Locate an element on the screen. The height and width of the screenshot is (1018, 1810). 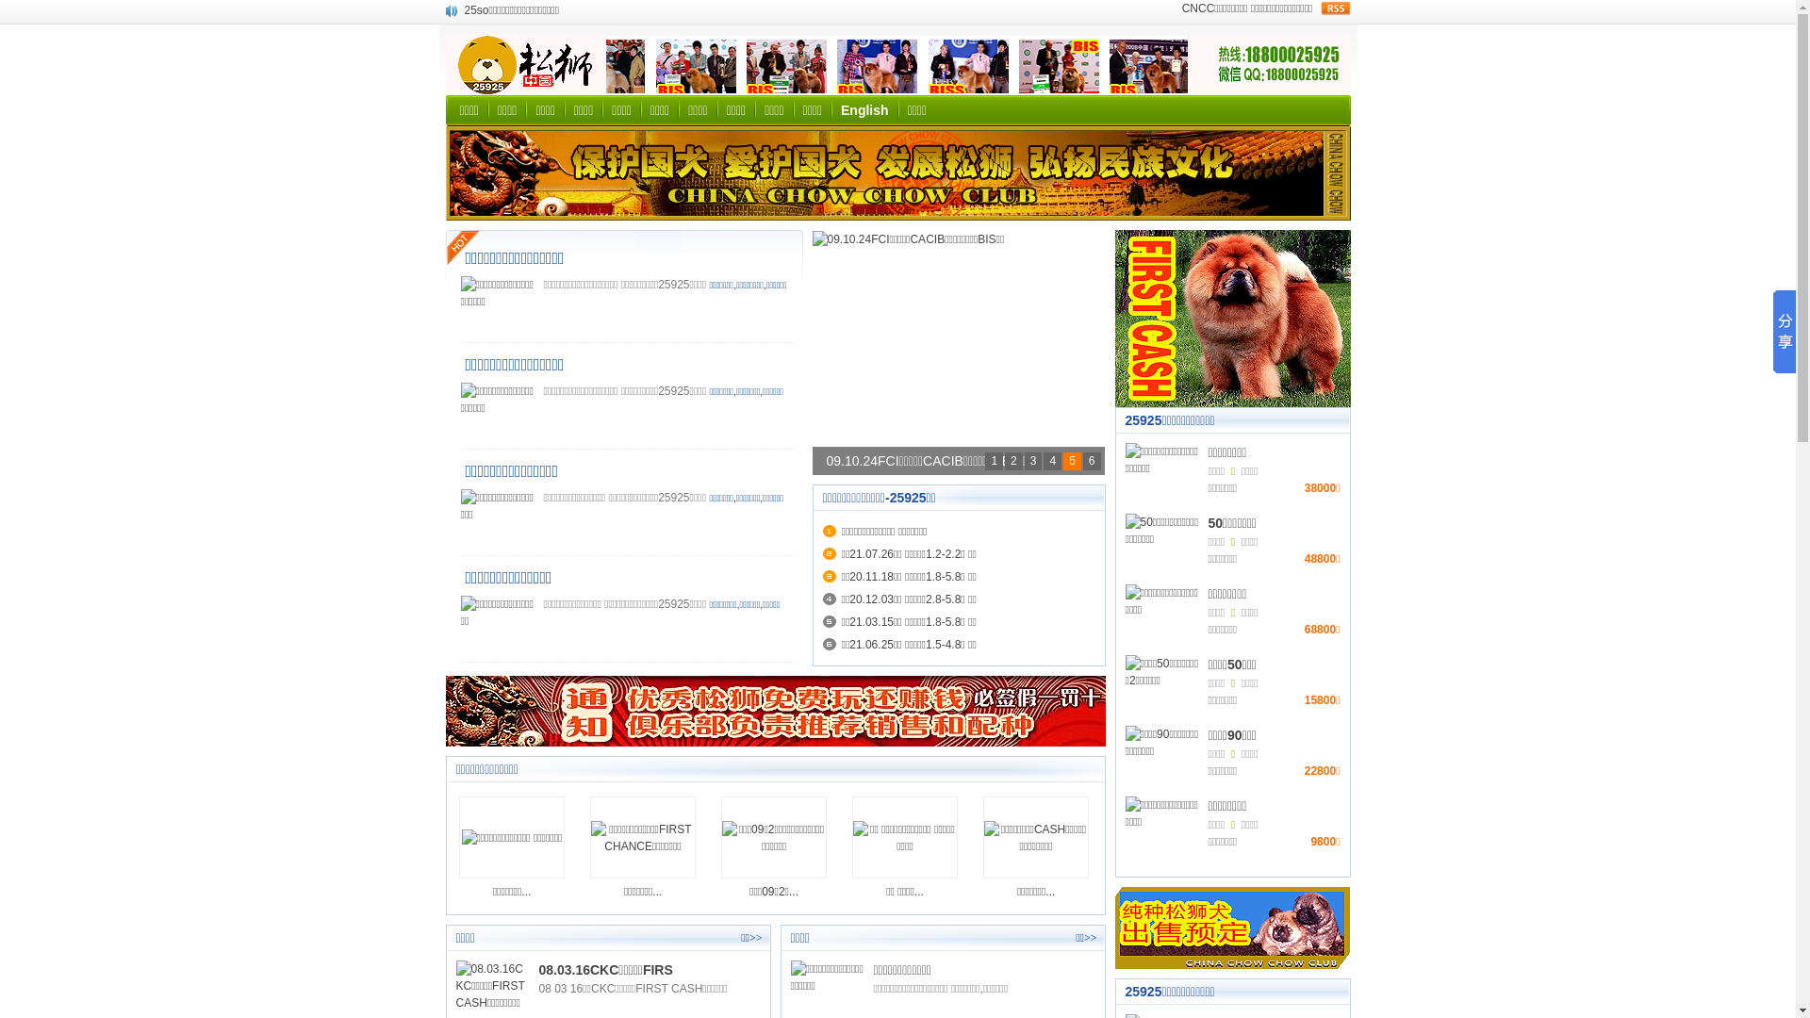
'rss' is located at coordinates (1334, 8).